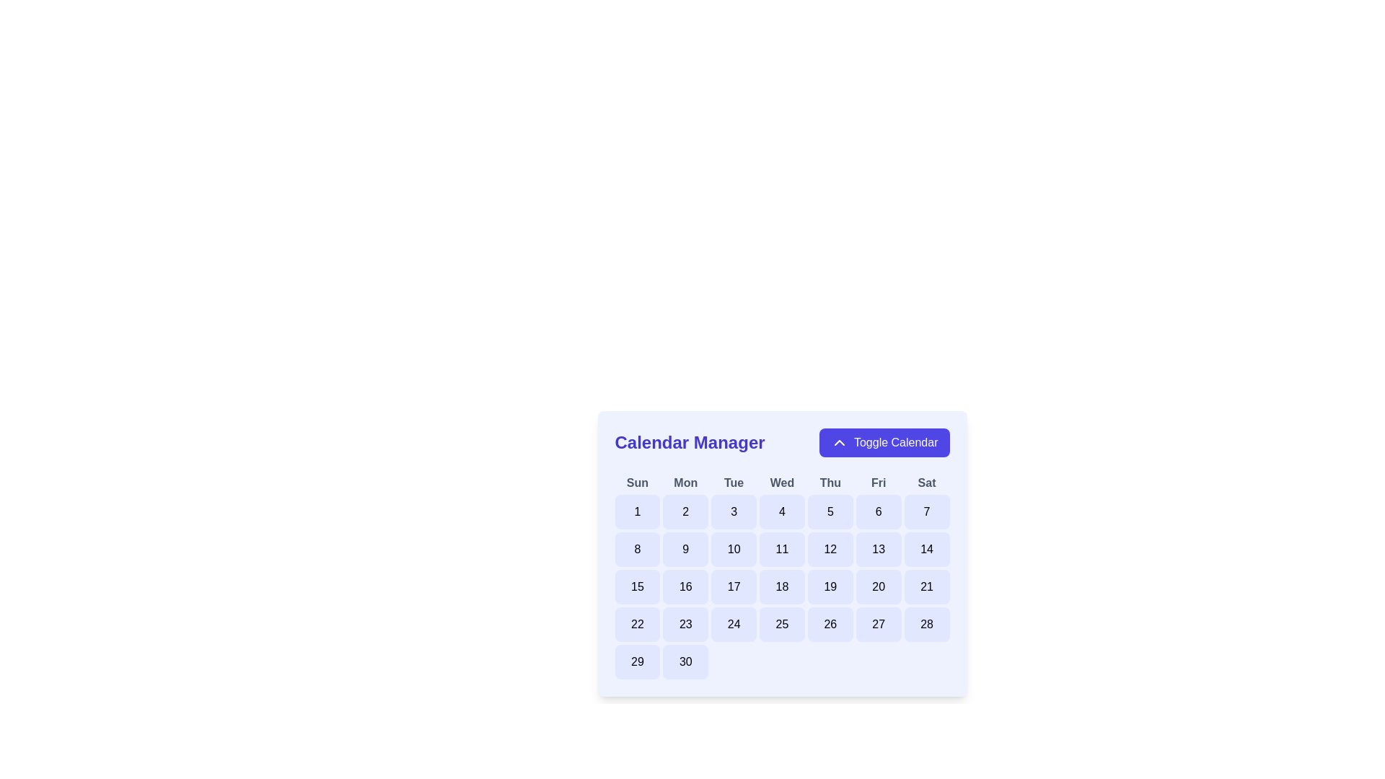  I want to click on the text label displaying 'Mon', which is the second item in a row of day abbreviations above the calendar grid, so click(685, 483).